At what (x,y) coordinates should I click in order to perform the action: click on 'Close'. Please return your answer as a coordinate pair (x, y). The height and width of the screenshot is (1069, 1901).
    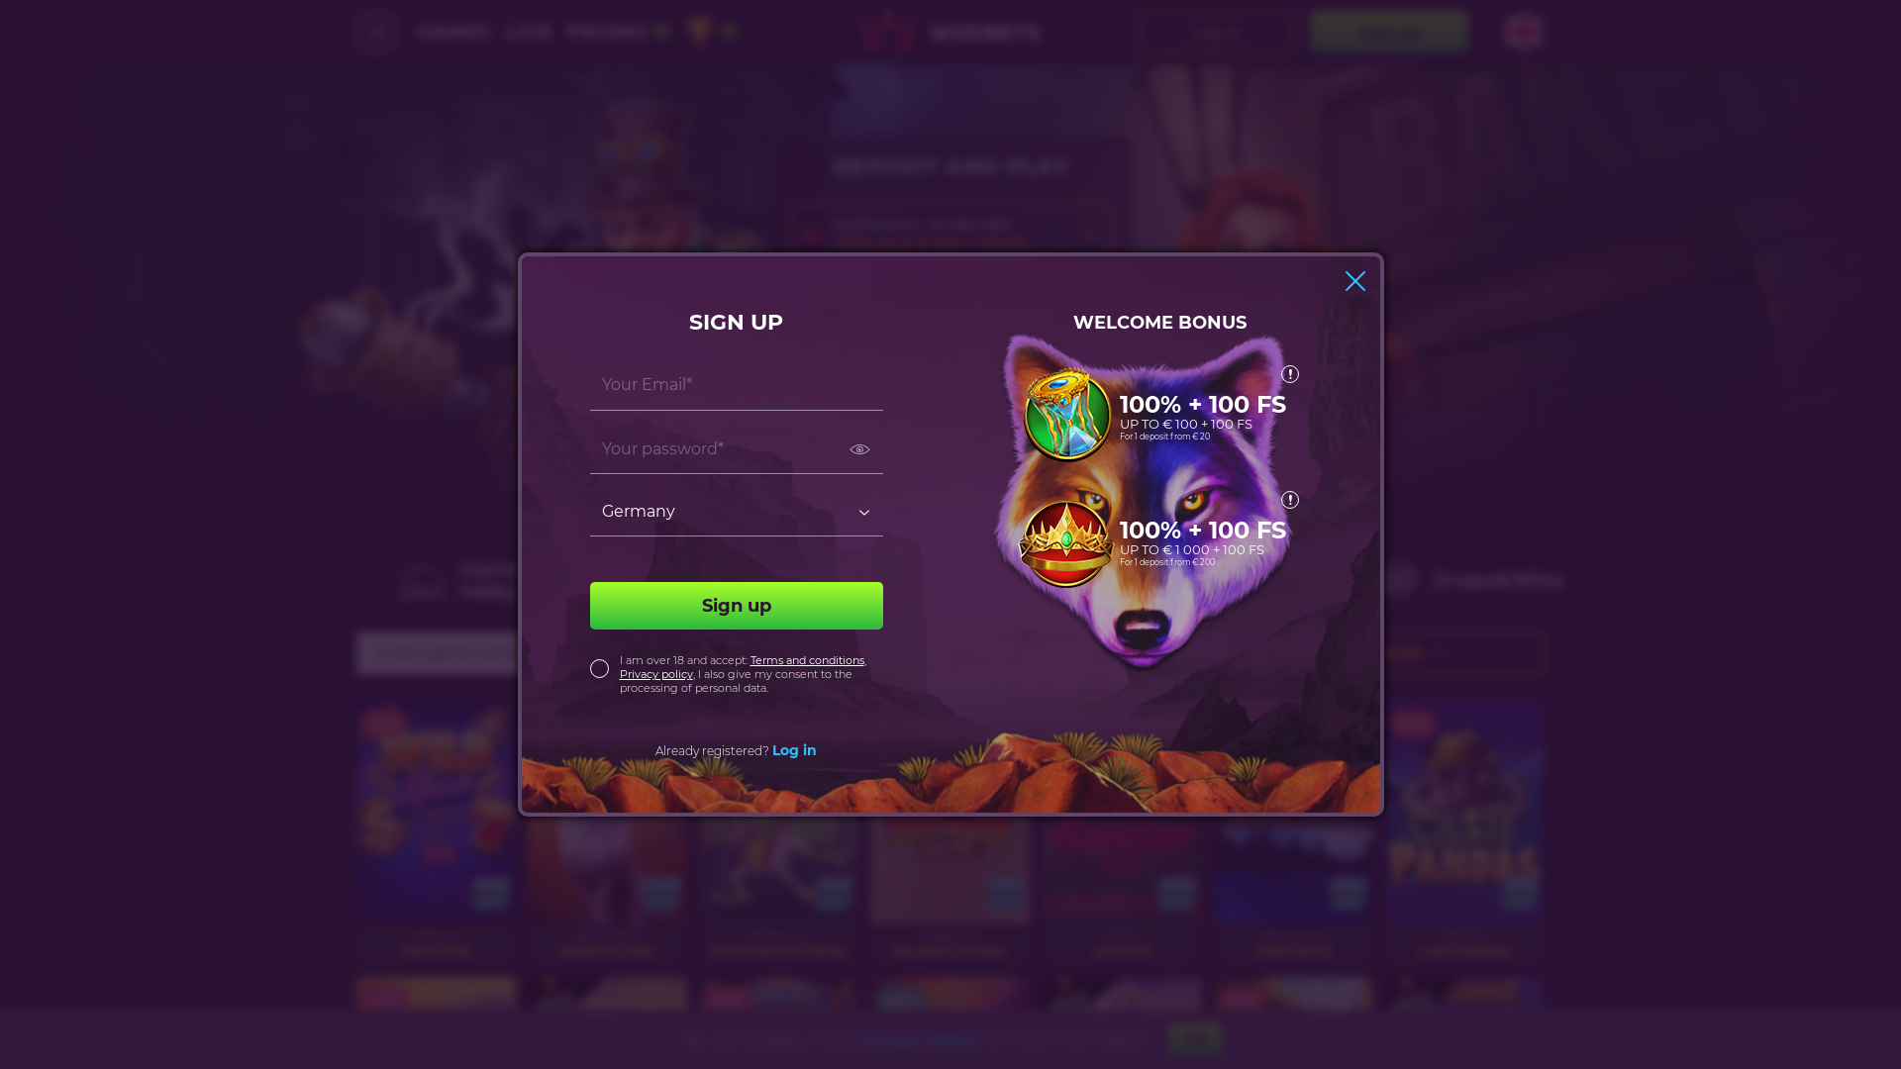
    Looking at the image, I should click on (1353, 281).